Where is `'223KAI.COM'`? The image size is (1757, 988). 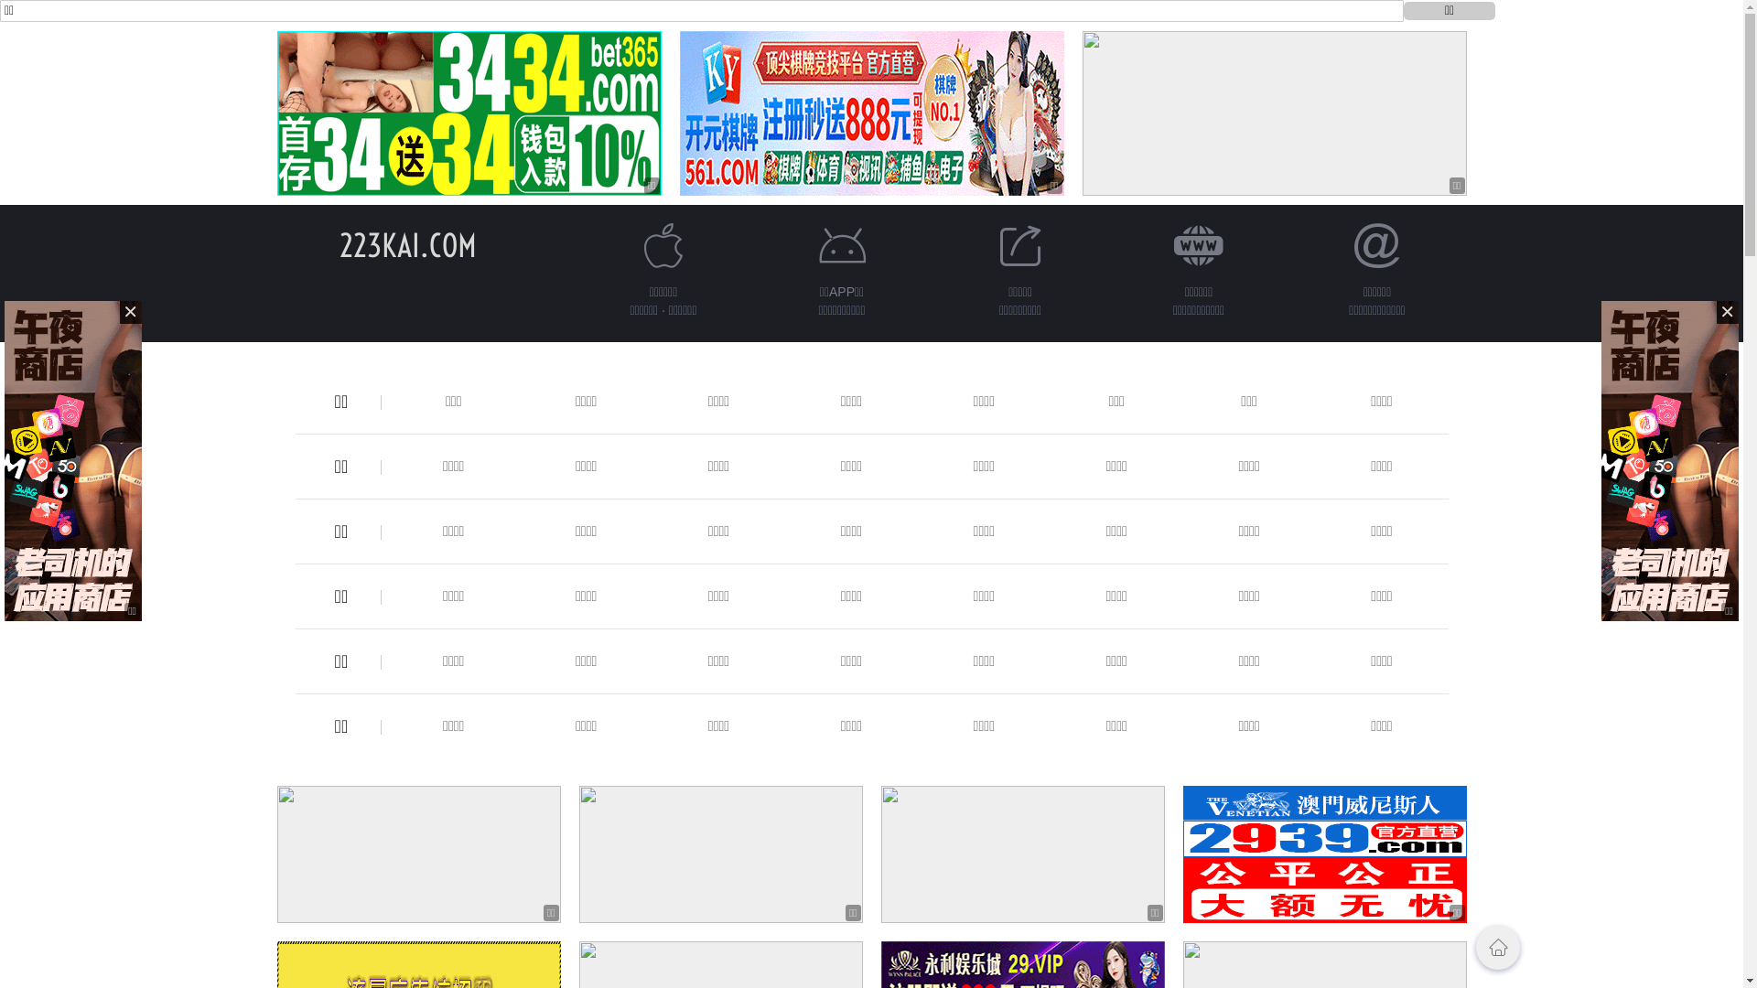 '223KAI.COM' is located at coordinates (338, 244).